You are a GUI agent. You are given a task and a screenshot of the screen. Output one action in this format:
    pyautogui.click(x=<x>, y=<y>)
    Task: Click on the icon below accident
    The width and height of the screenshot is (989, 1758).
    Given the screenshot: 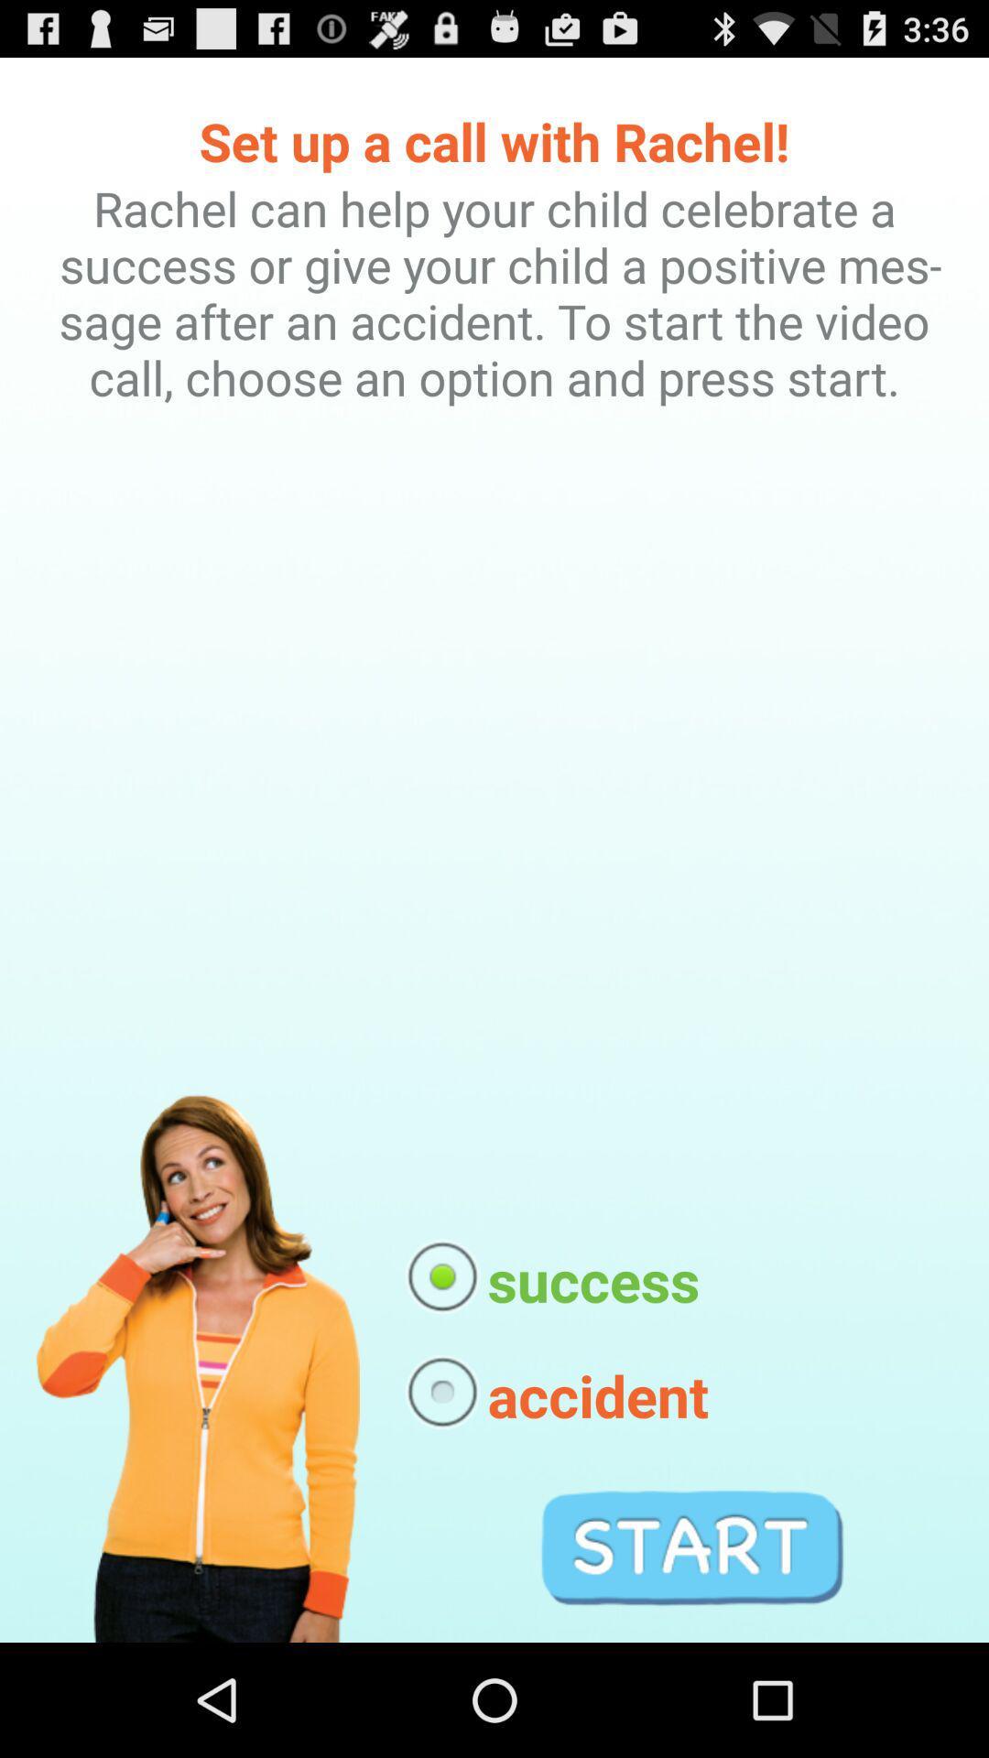 What is the action you would take?
    pyautogui.click(x=692, y=1546)
    